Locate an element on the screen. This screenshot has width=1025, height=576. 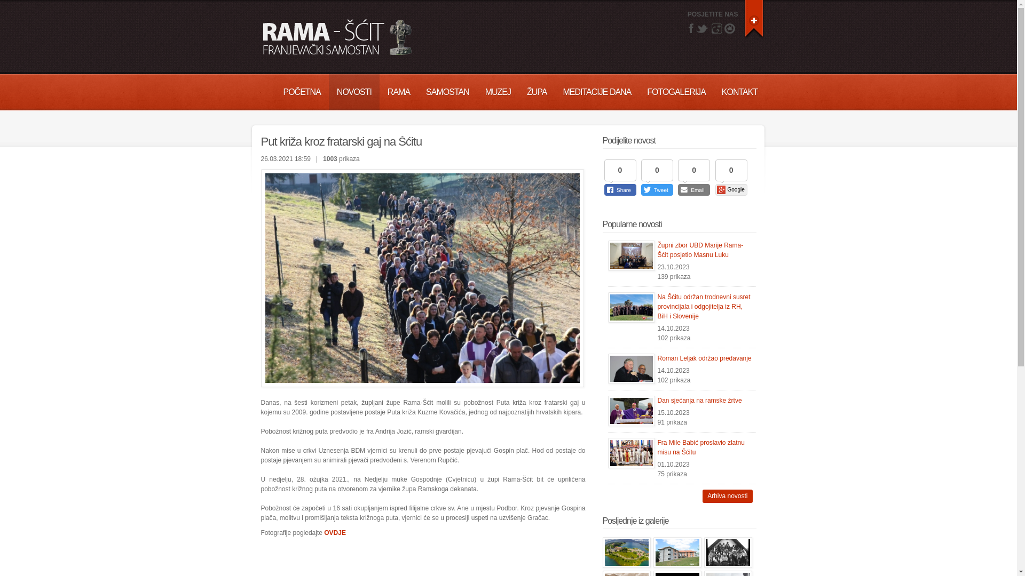
'Twitter' is located at coordinates (702, 28).